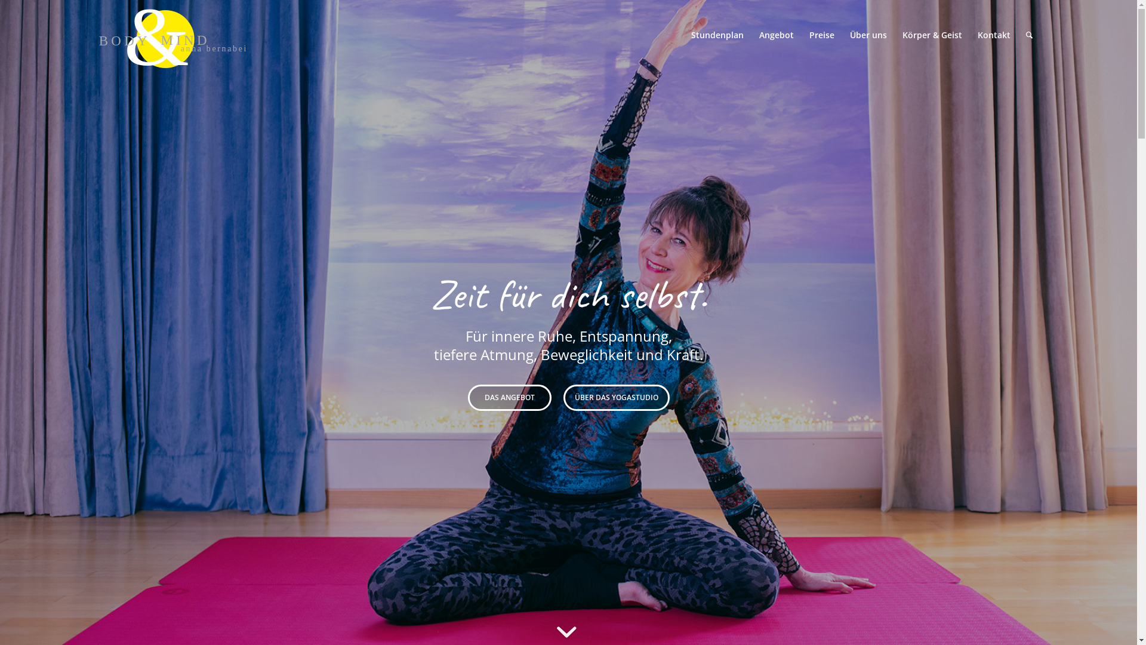 The image size is (1146, 645). Describe the element at coordinates (175, 34) in the screenshot. I see `'&` at that location.